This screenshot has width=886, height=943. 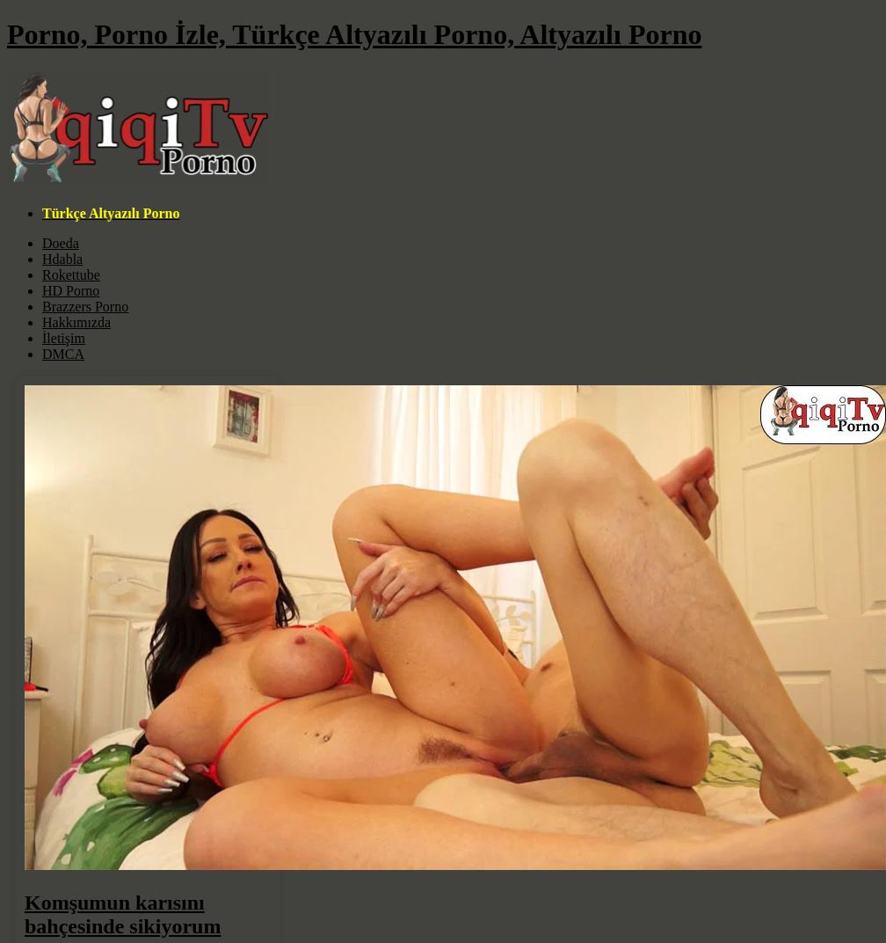 What do you see at coordinates (353, 33) in the screenshot?
I see `'Porno, Porno İzle, Türkçe Altyazılı Porno, Altyazılı Porno'` at bounding box center [353, 33].